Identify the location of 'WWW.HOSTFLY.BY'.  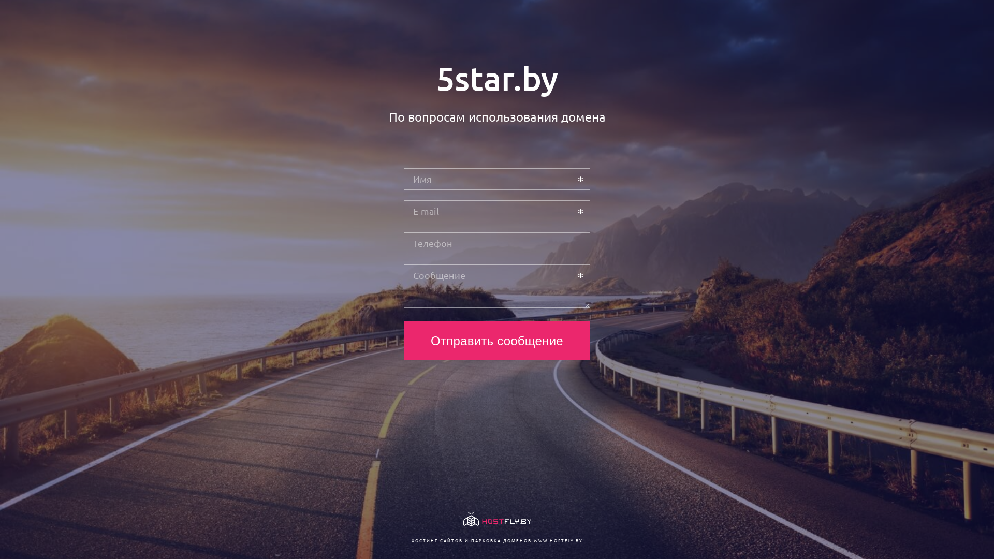
(533, 540).